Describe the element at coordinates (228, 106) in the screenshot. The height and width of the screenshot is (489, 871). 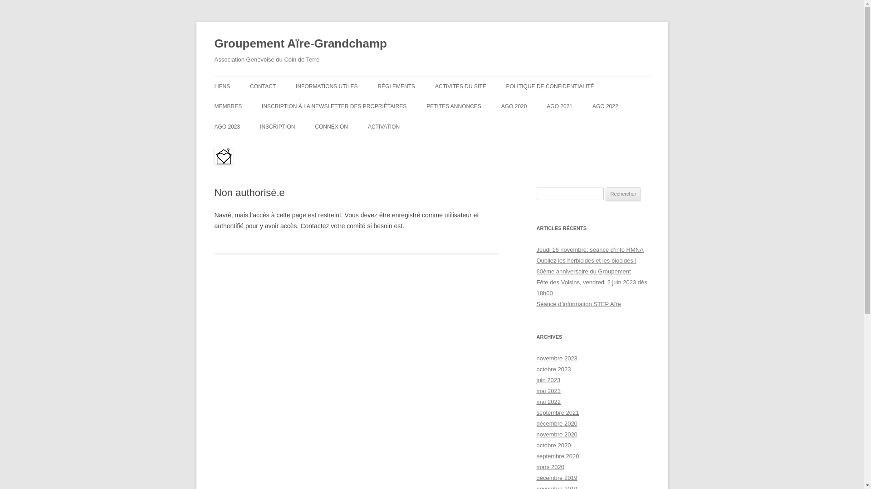
I see `'MEMBRES'` at that location.